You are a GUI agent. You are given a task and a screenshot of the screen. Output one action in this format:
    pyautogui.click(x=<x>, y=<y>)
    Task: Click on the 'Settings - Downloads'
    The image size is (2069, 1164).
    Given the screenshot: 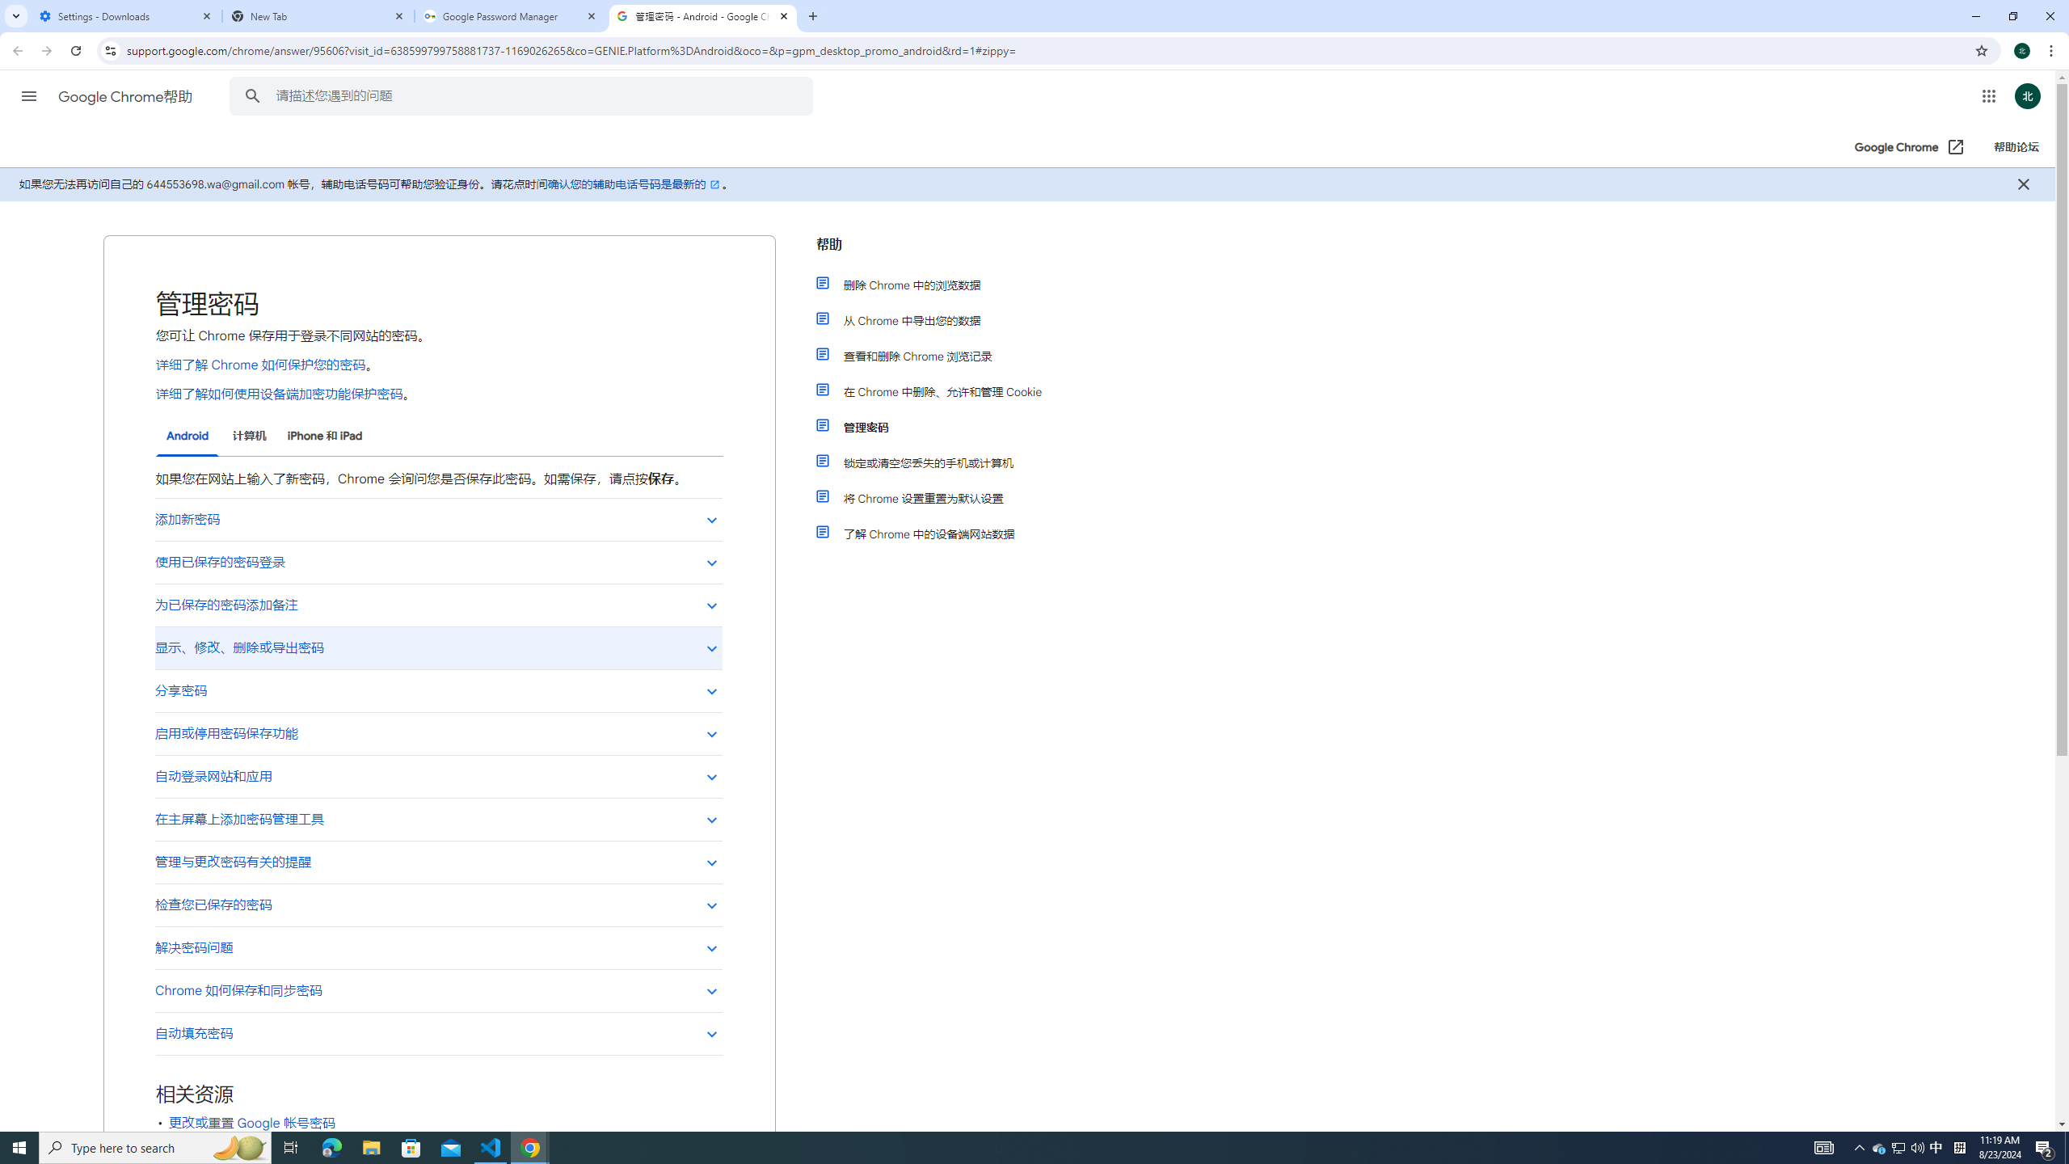 What is the action you would take?
    pyautogui.click(x=125, y=15)
    